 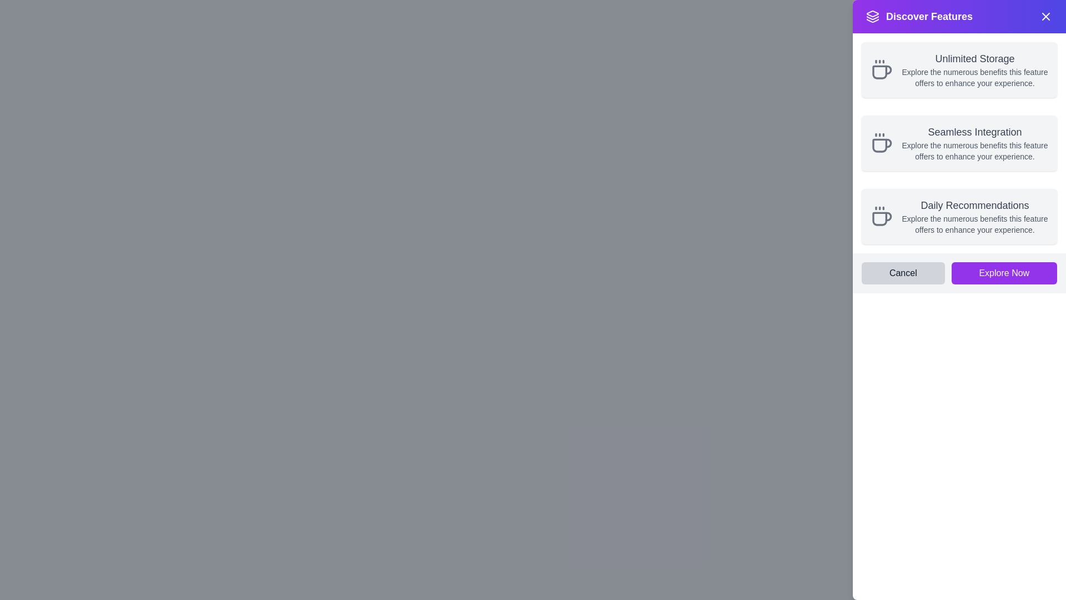 What do you see at coordinates (974, 224) in the screenshot?
I see `the static text element that describes the benefits of the feature, located below the 'Daily Recommendations' header in the third feature card of the right-aligned feature panel` at bounding box center [974, 224].